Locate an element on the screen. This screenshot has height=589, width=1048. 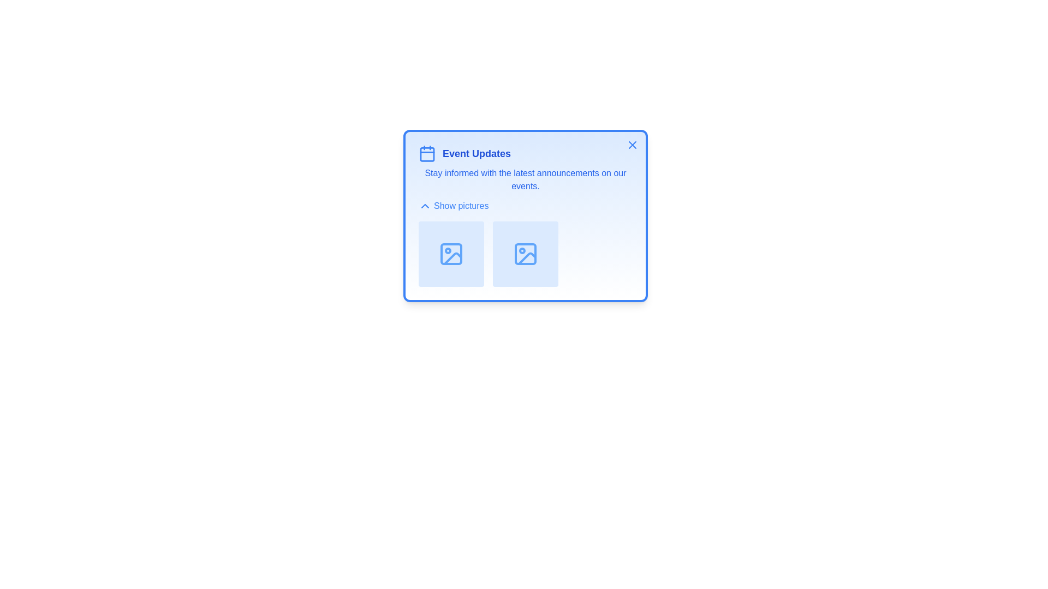
close button (X) to close the alert is located at coordinates (632, 145).